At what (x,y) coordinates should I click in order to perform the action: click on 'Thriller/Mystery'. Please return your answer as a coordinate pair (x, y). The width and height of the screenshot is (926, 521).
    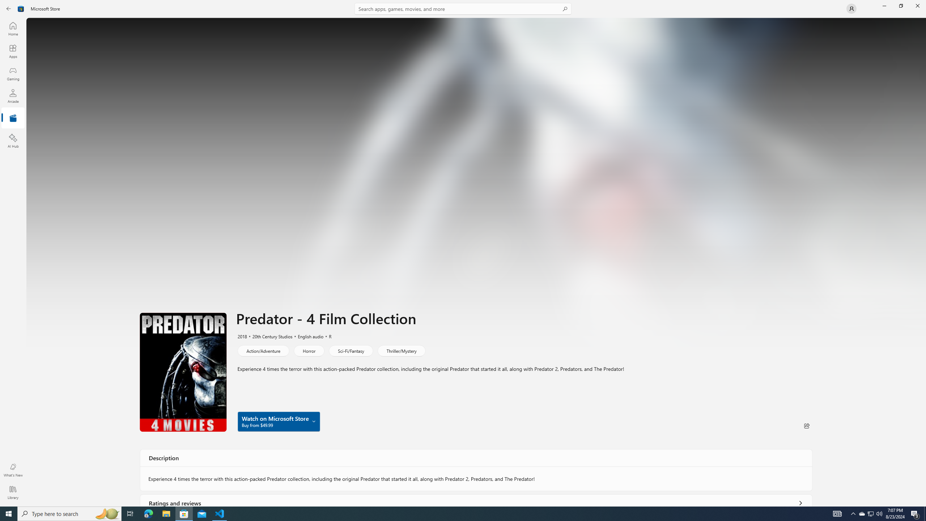
    Looking at the image, I should click on (401, 350).